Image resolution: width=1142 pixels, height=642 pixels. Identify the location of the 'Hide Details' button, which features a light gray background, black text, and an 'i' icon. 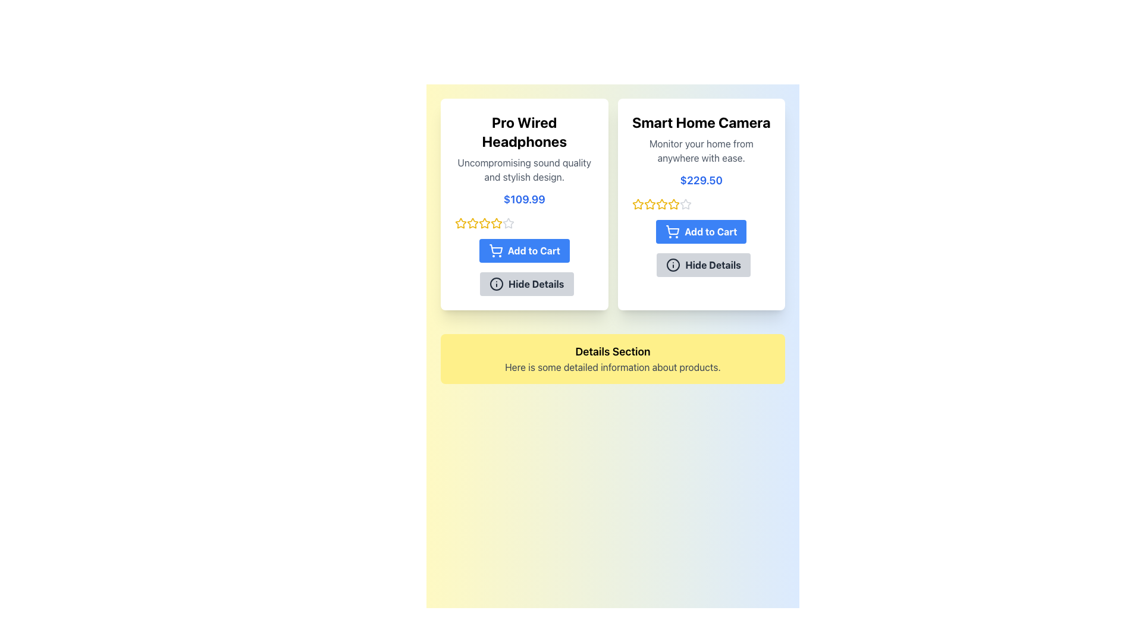
(704, 265).